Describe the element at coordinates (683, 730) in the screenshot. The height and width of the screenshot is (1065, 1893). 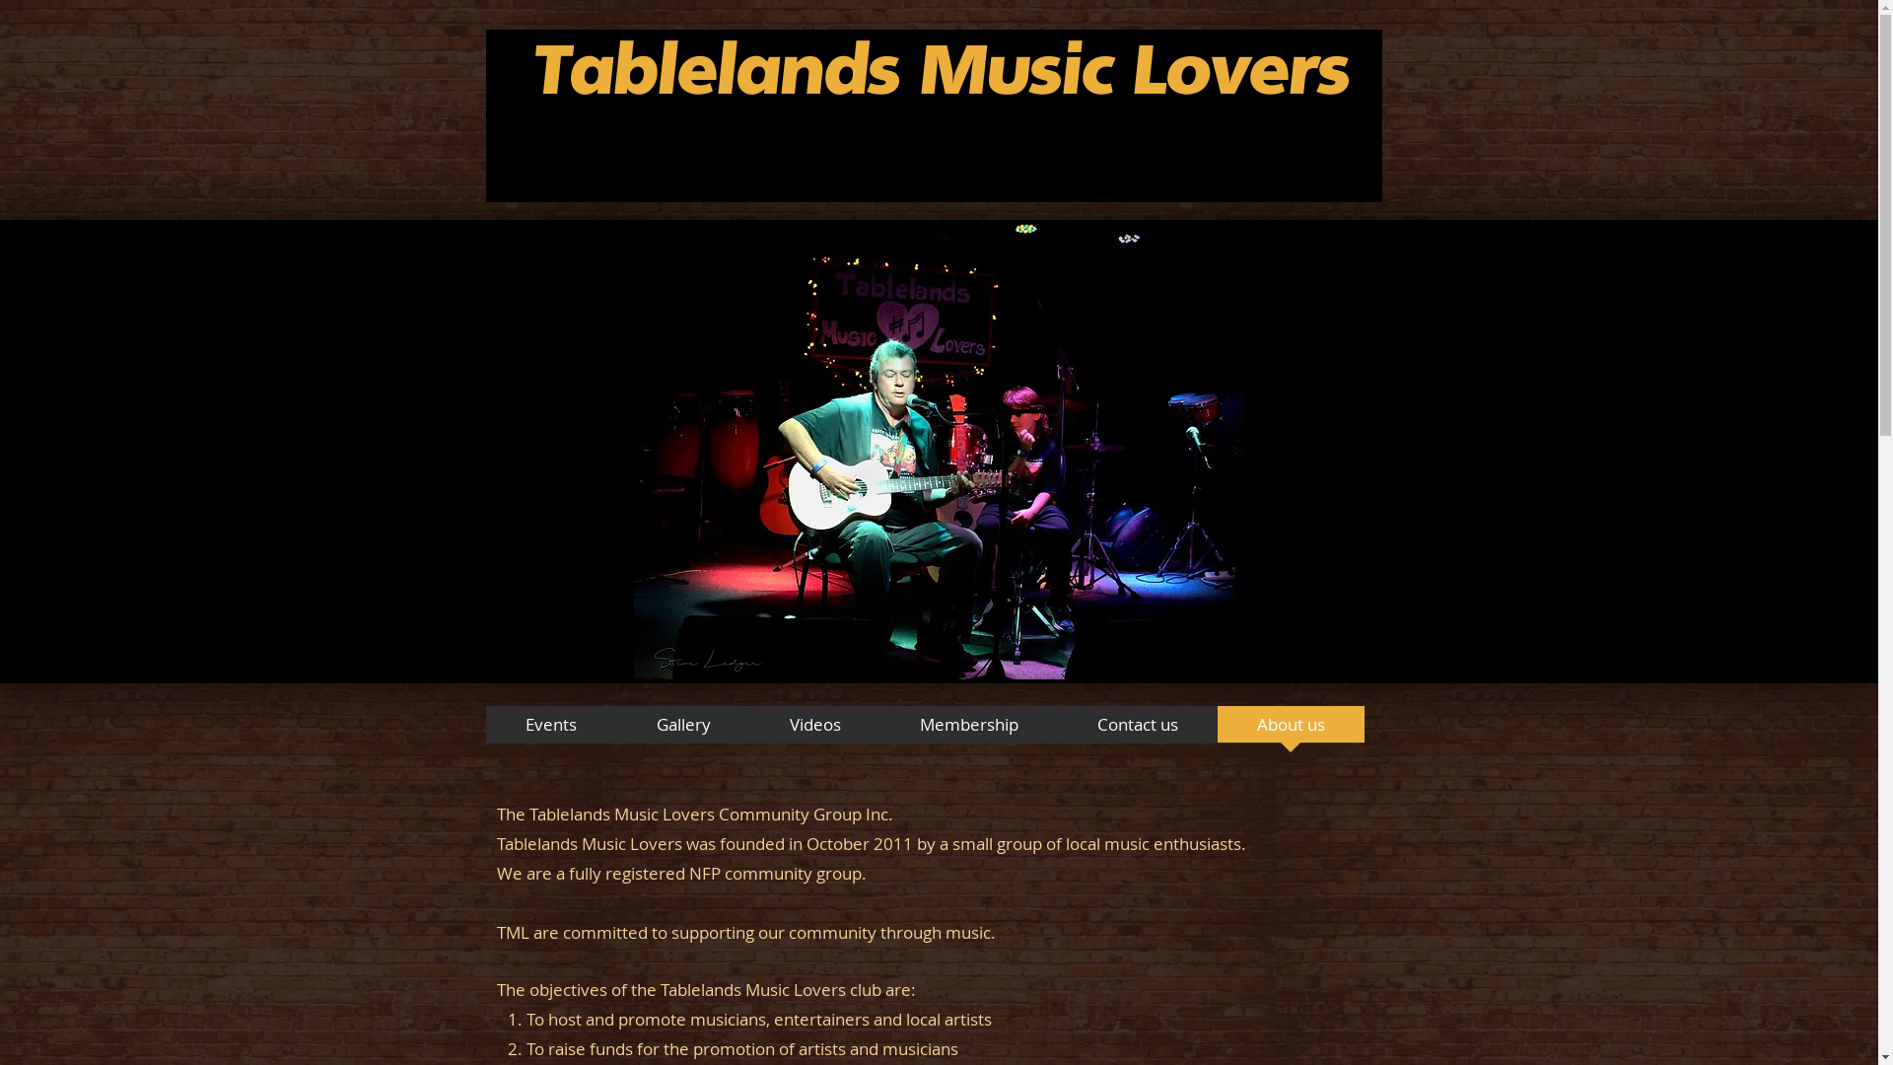
I see `'Gallery'` at that location.